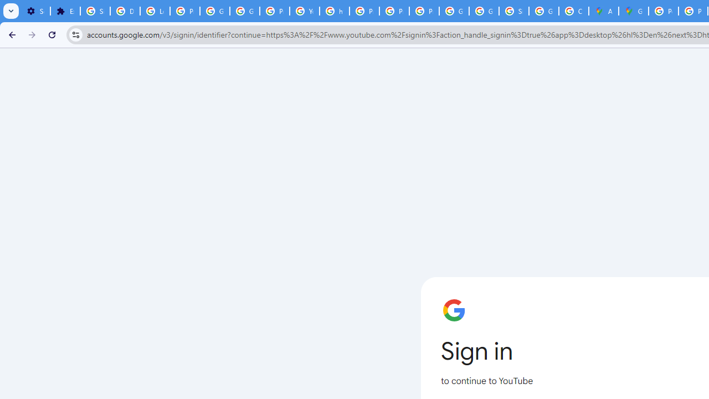  Describe the element at coordinates (214, 11) in the screenshot. I see `'Google Account Help'` at that location.